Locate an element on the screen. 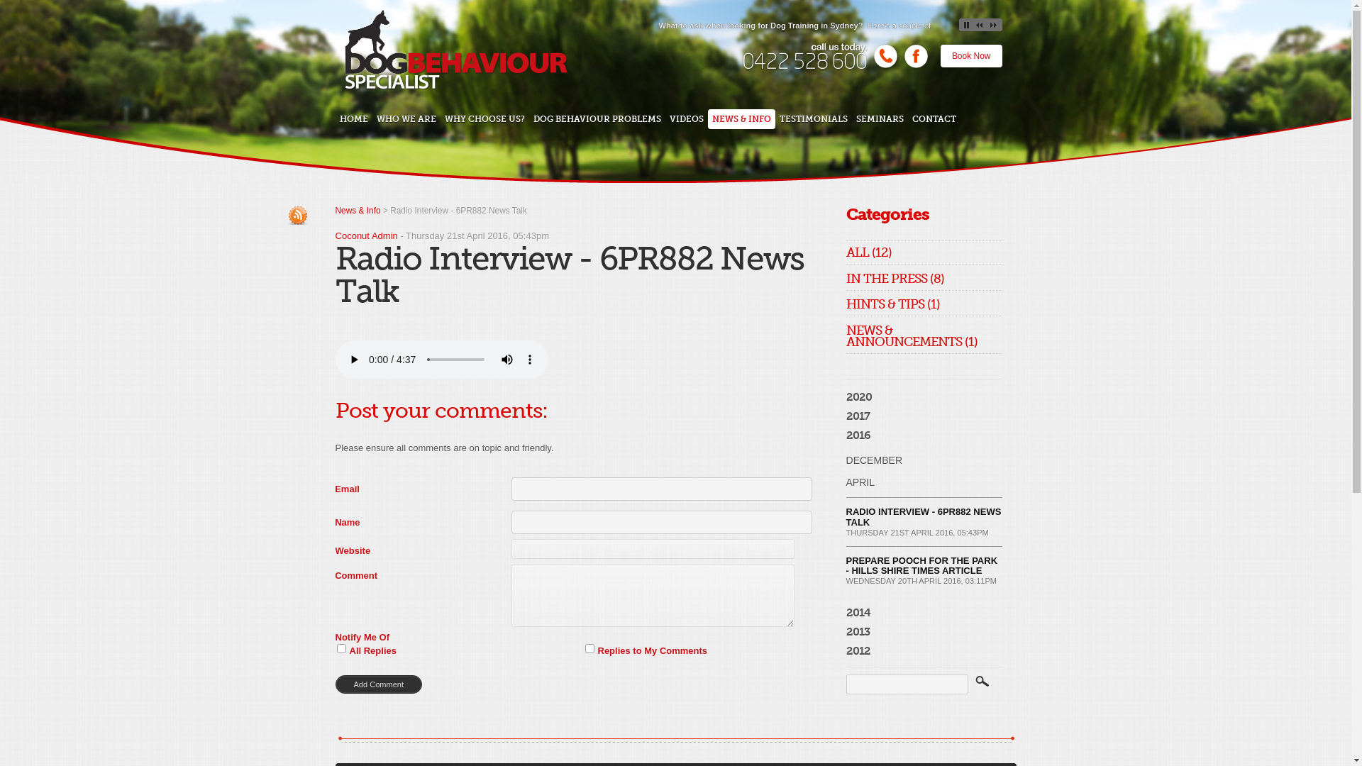  'IN THE PRESS (8)' is located at coordinates (845, 282).